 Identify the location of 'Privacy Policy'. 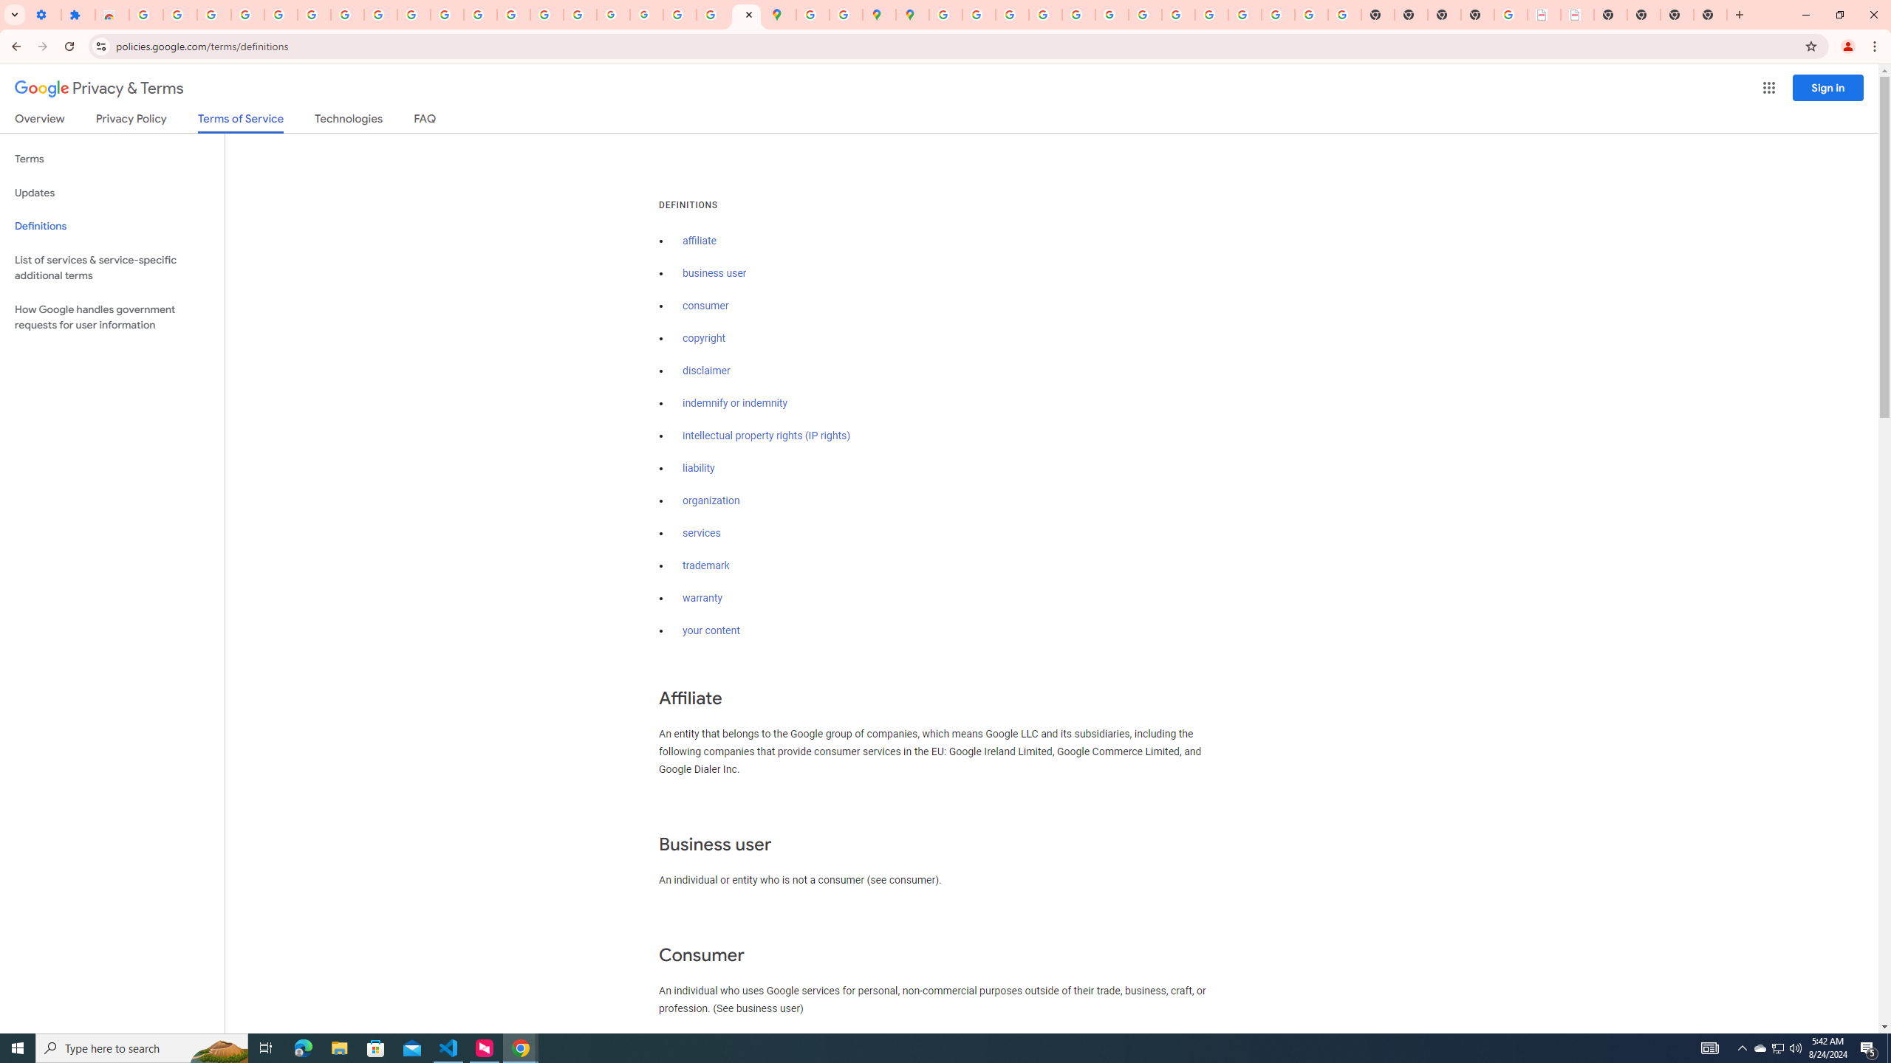
(129, 121).